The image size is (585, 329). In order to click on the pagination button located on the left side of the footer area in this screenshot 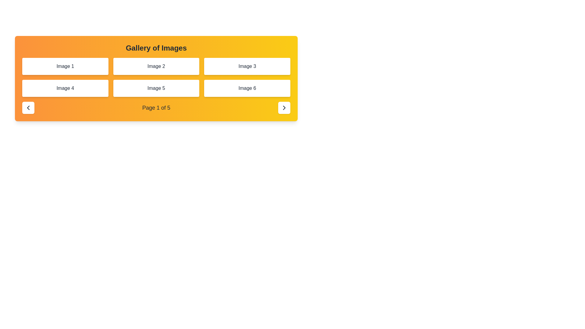, I will do `click(28, 108)`.